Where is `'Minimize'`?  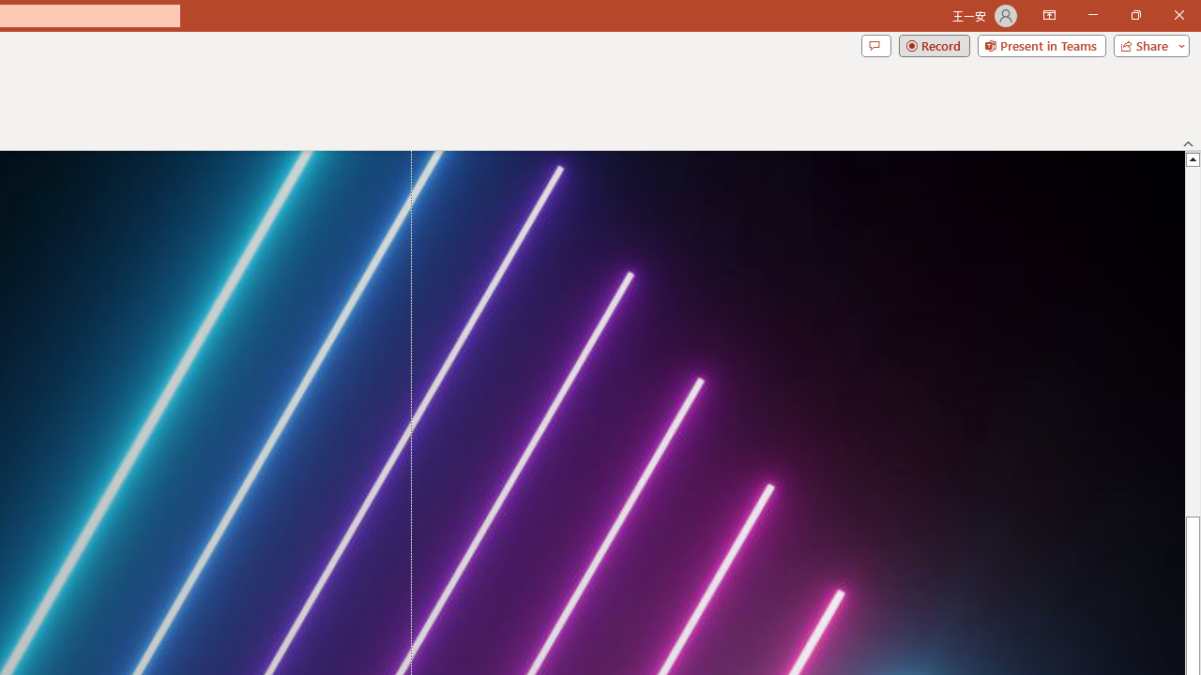 'Minimize' is located at coordinates (1092, 15).